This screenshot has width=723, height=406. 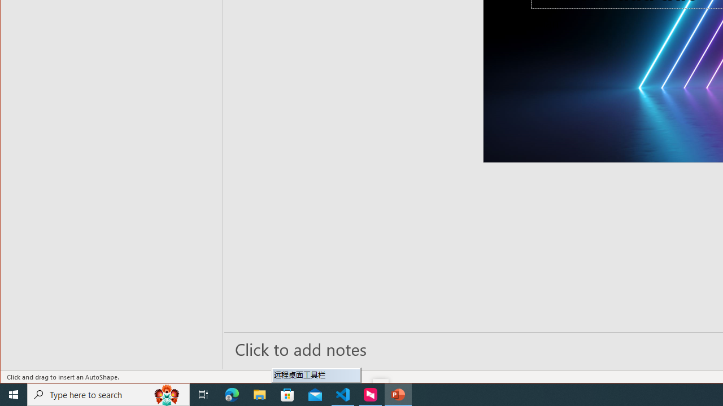 What do you see at coordinates (232, 394) in the screenshot?
I see `'Microsoft Edge'` at bounding box center [232, 394].